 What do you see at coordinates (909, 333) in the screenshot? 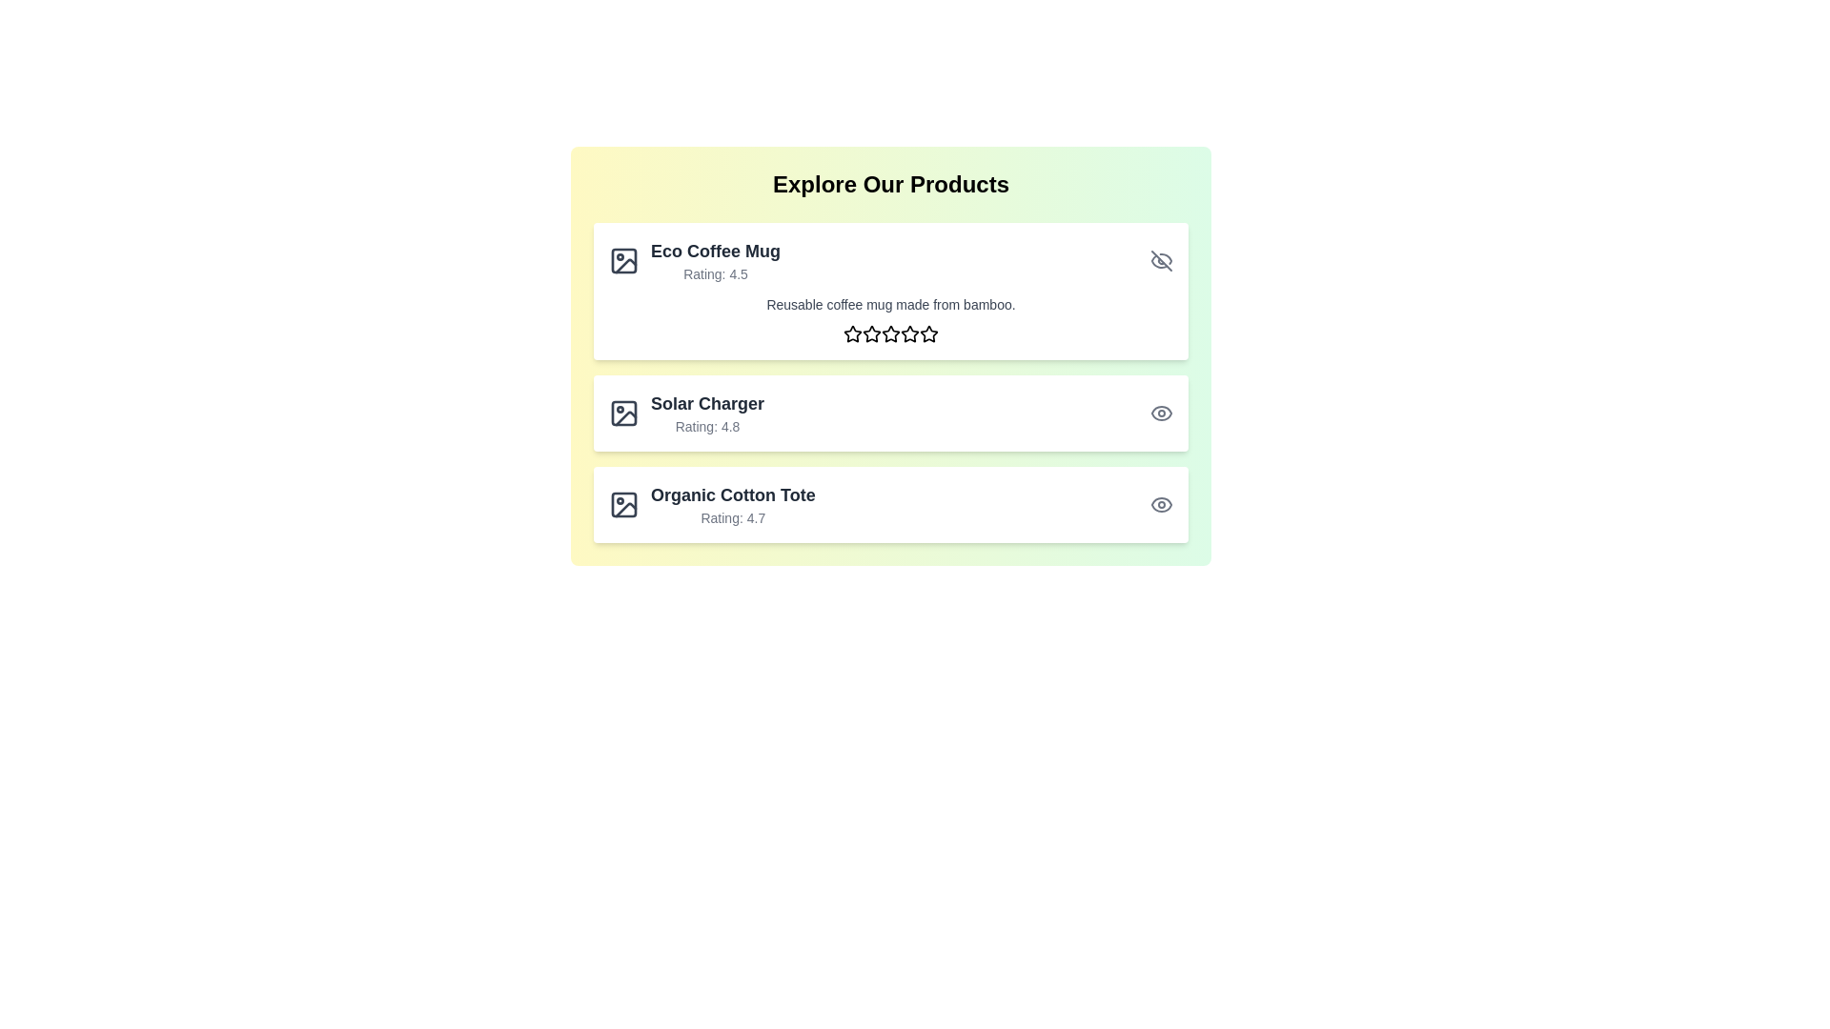
I see `the rating to 4 stars by clicking on the corresponding star icon` at bounding box center [909, 333].